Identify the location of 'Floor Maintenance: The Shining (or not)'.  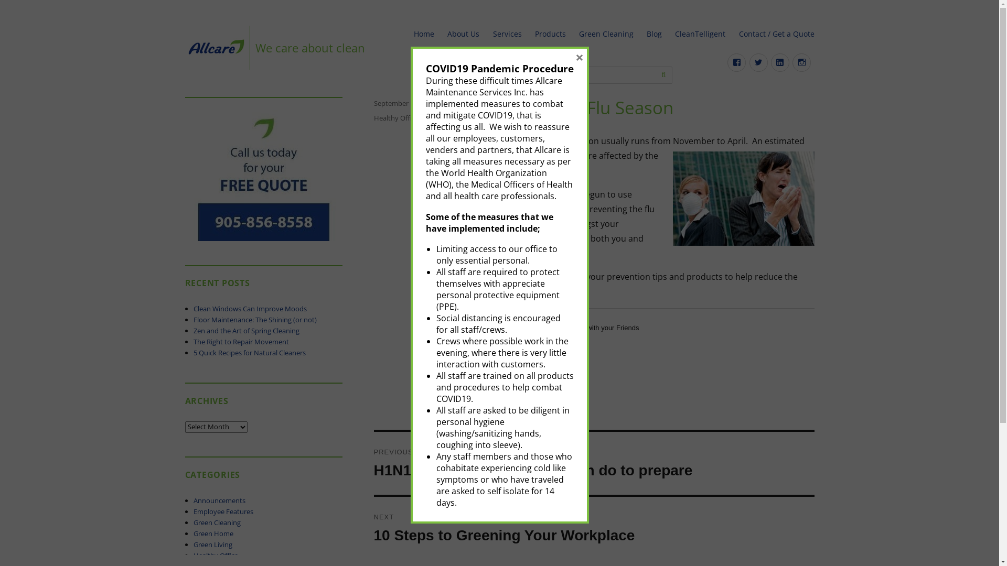
(255, 319).